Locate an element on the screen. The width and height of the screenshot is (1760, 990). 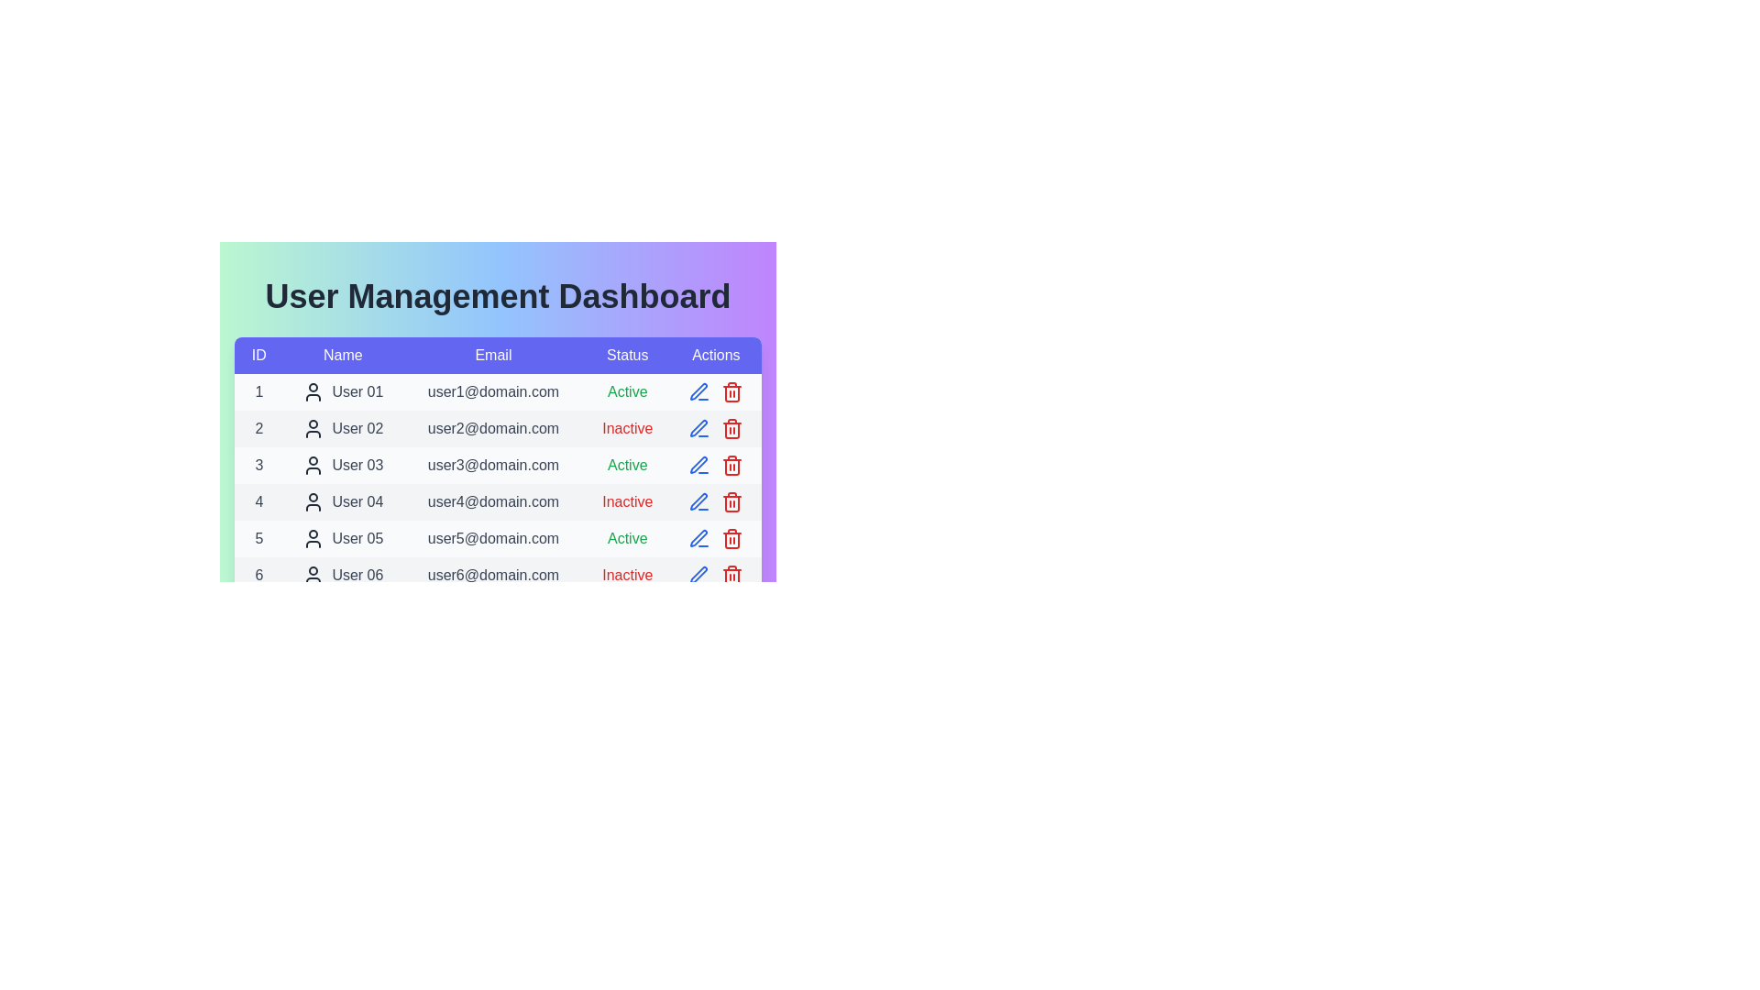
the edit icon for the user with ID 2 is located at coordinates (698, 428).